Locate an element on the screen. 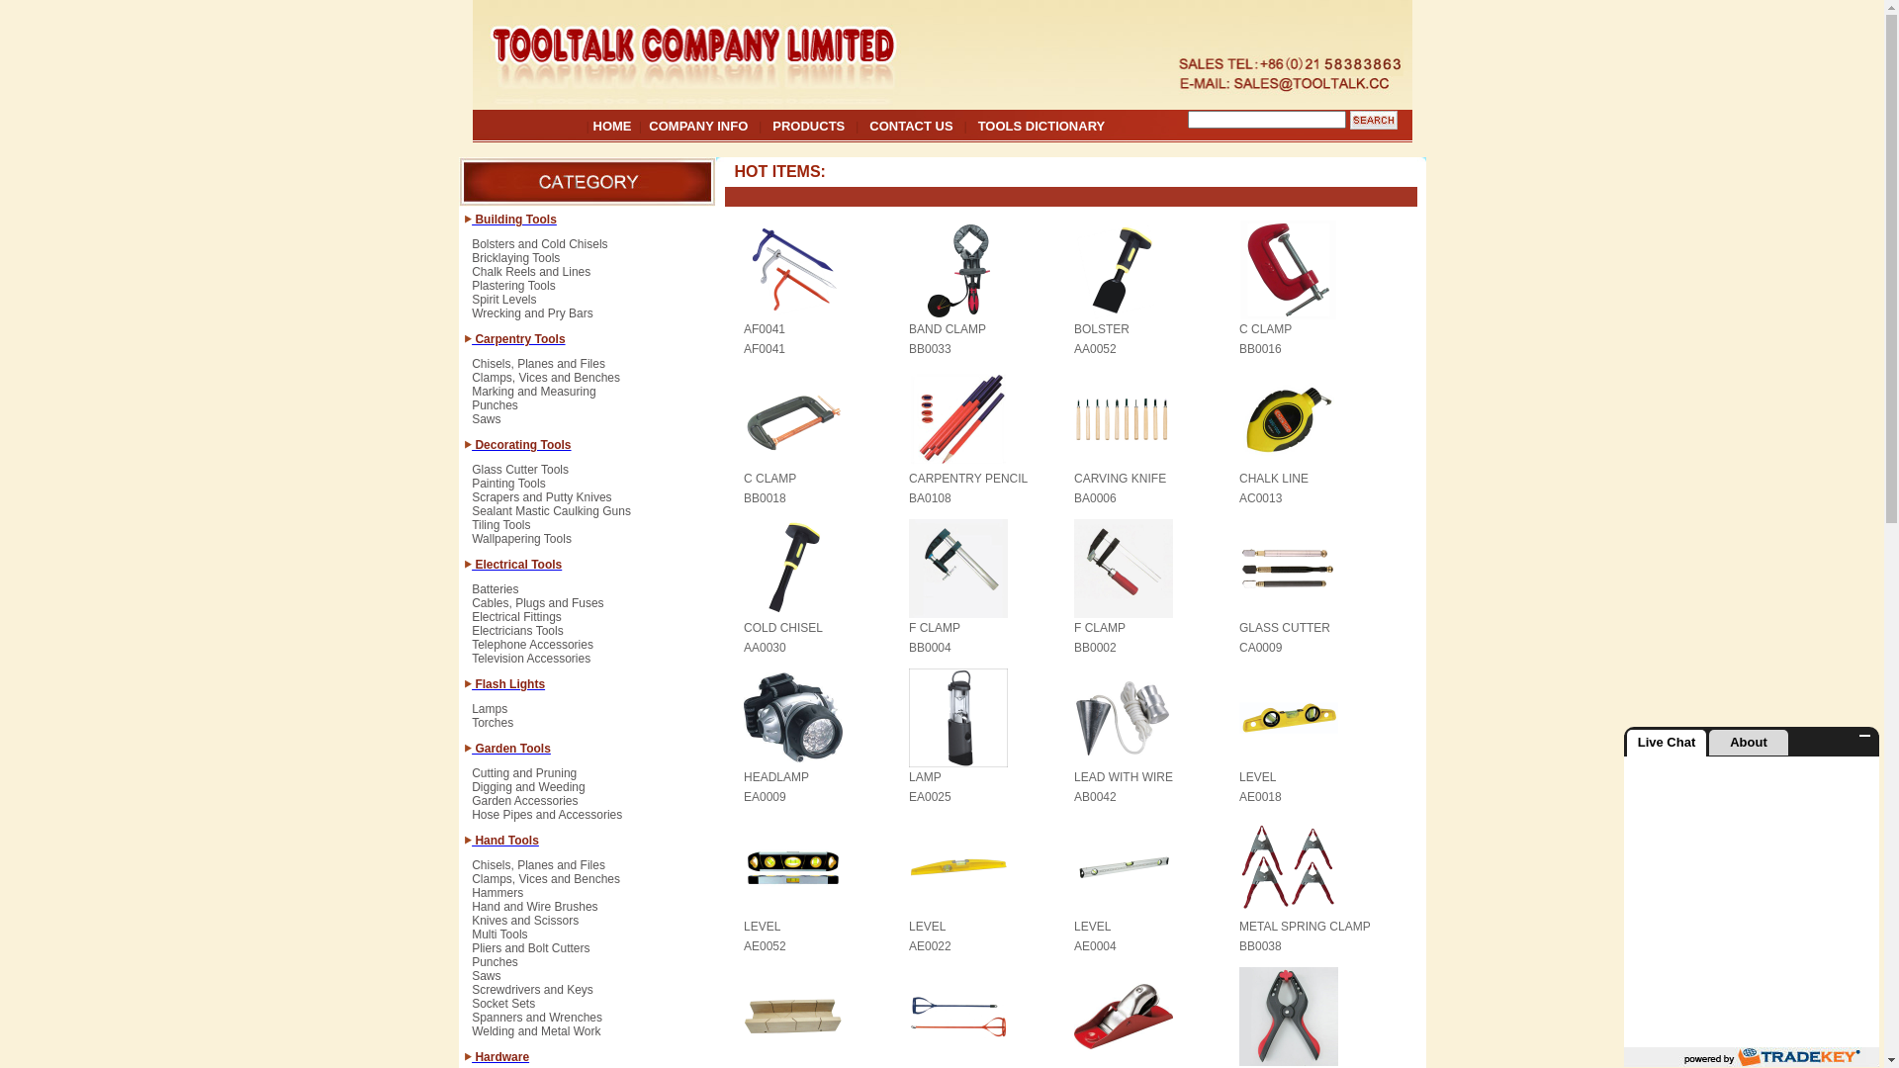 This screenshot has height=1068, width=1899. 'CONTACT US' is located at coordinates (910, 126).